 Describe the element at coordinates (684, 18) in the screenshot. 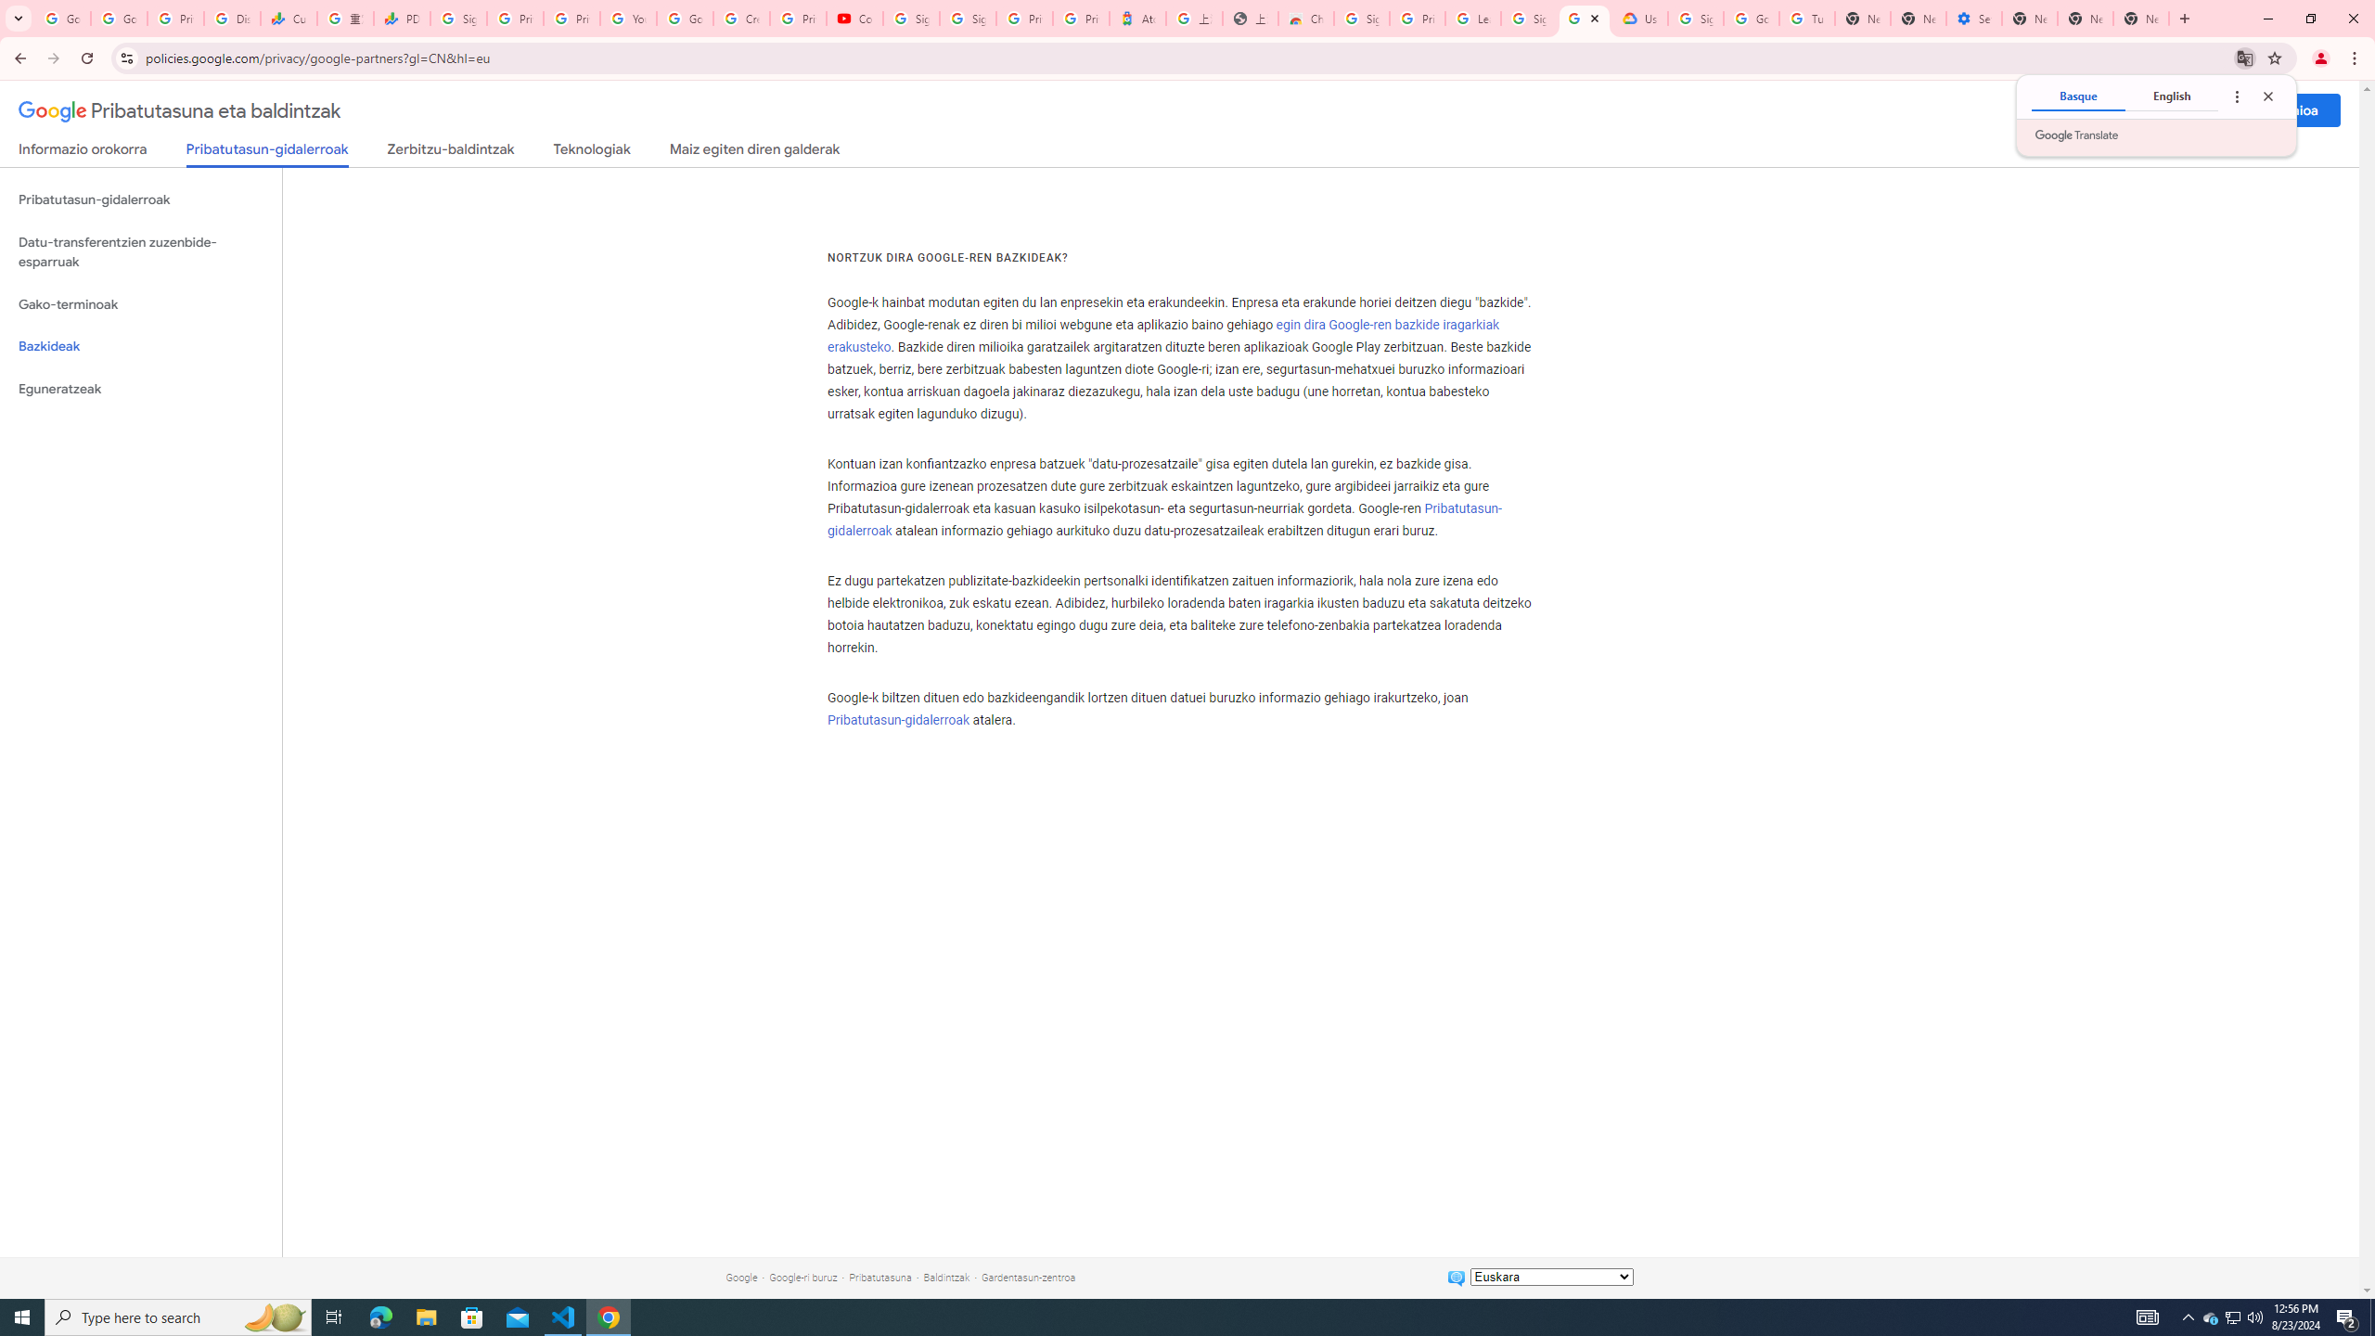

I see `'Google Account Help'` at that location.